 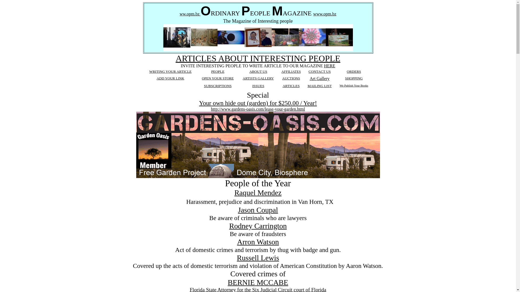 I want to click on 'WRITING YOUR ARTICLE', so click(x=170, y=71).